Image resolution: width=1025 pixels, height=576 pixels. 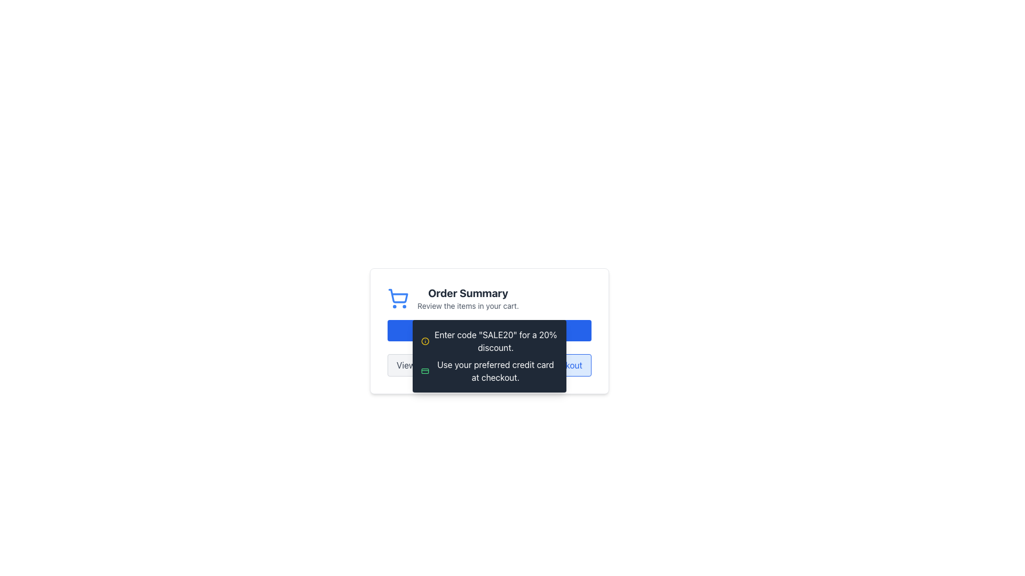 What do you see at coordinates (415, 365) in the screenshot?
I see `the 'View Cart' button, which has a light gray background and dark gray text` at bounding box center [415, 365].